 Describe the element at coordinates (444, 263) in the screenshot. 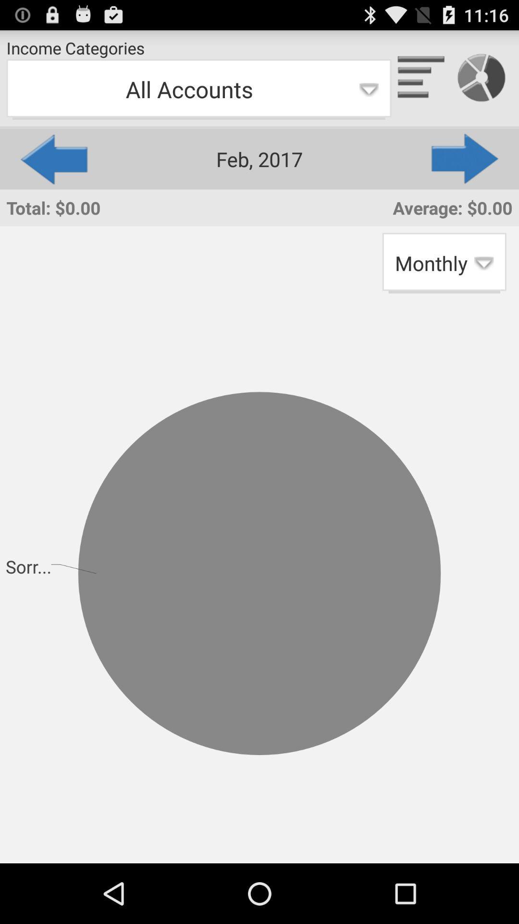

I see `the monthly icon` at that location.